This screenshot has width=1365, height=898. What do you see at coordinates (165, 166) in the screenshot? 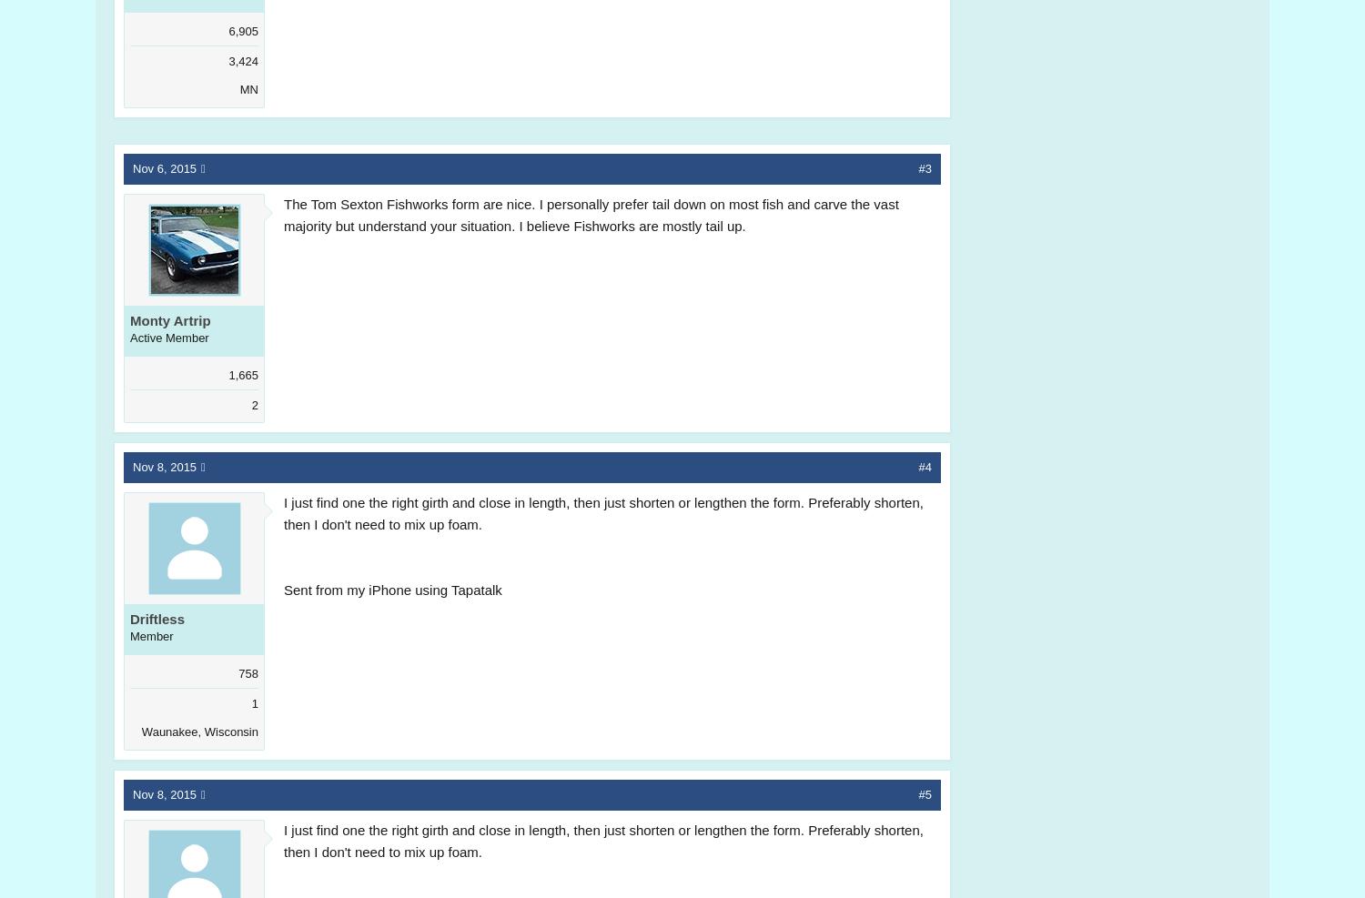
I see `'Nov 6, 2015'` at bounding box center [165, 166].